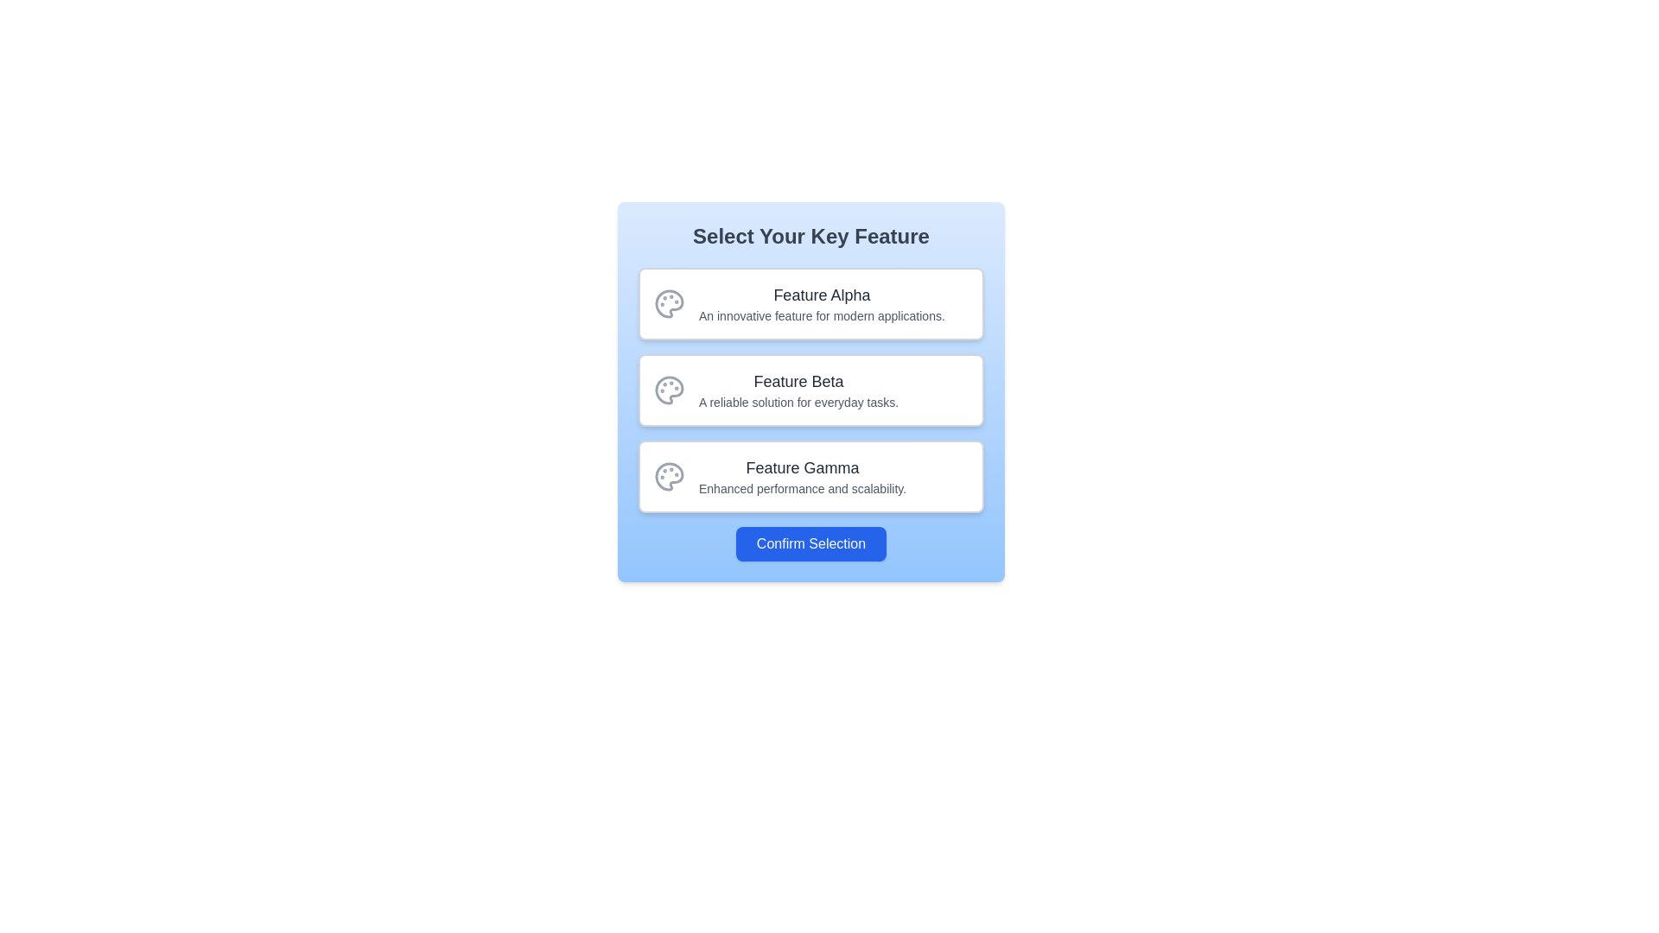 This screenshot has height=933, width=1659. Describe the element at coordinates (668, 302) in the screenshot. I see `the painter's palette icon located on the left side of the 'Feature Alpha' card, which is centrally aligned in height and has a gray outline with four circular details` at that location.